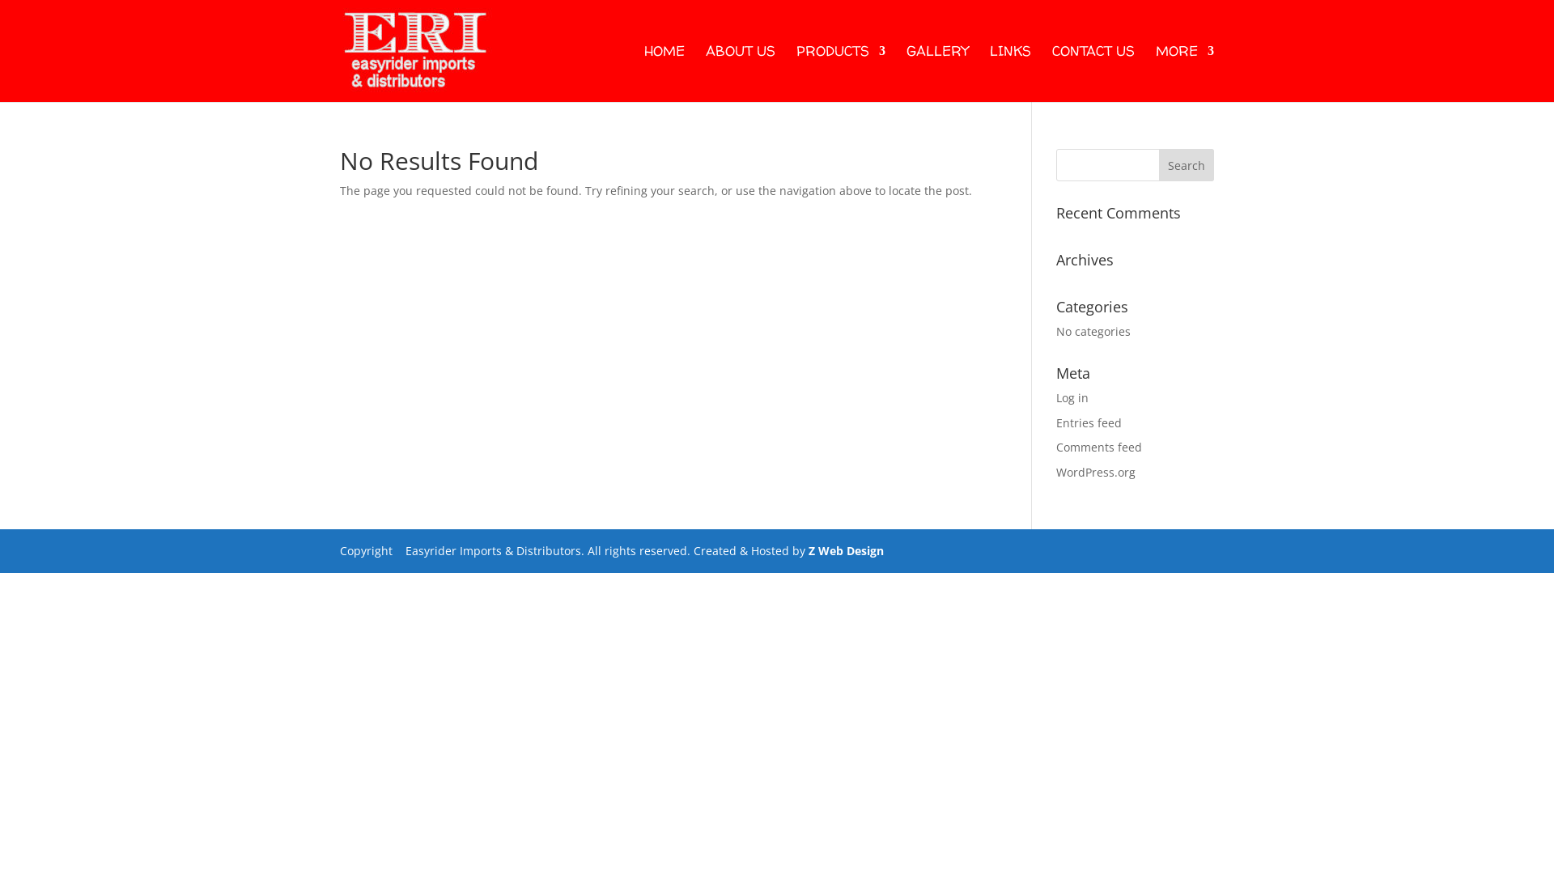  Describe the element at coordinates (1185, 74) in the screenshot. I see `'MORE'` at that location.